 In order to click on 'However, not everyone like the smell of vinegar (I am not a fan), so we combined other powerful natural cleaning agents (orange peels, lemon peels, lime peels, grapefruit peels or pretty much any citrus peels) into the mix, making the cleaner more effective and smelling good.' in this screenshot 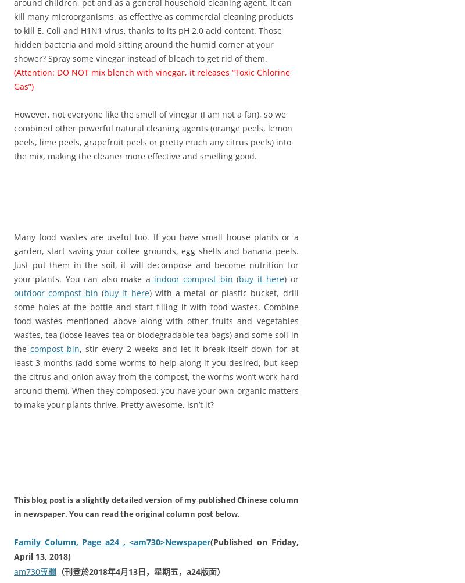, I will do `click(152, 134)`.